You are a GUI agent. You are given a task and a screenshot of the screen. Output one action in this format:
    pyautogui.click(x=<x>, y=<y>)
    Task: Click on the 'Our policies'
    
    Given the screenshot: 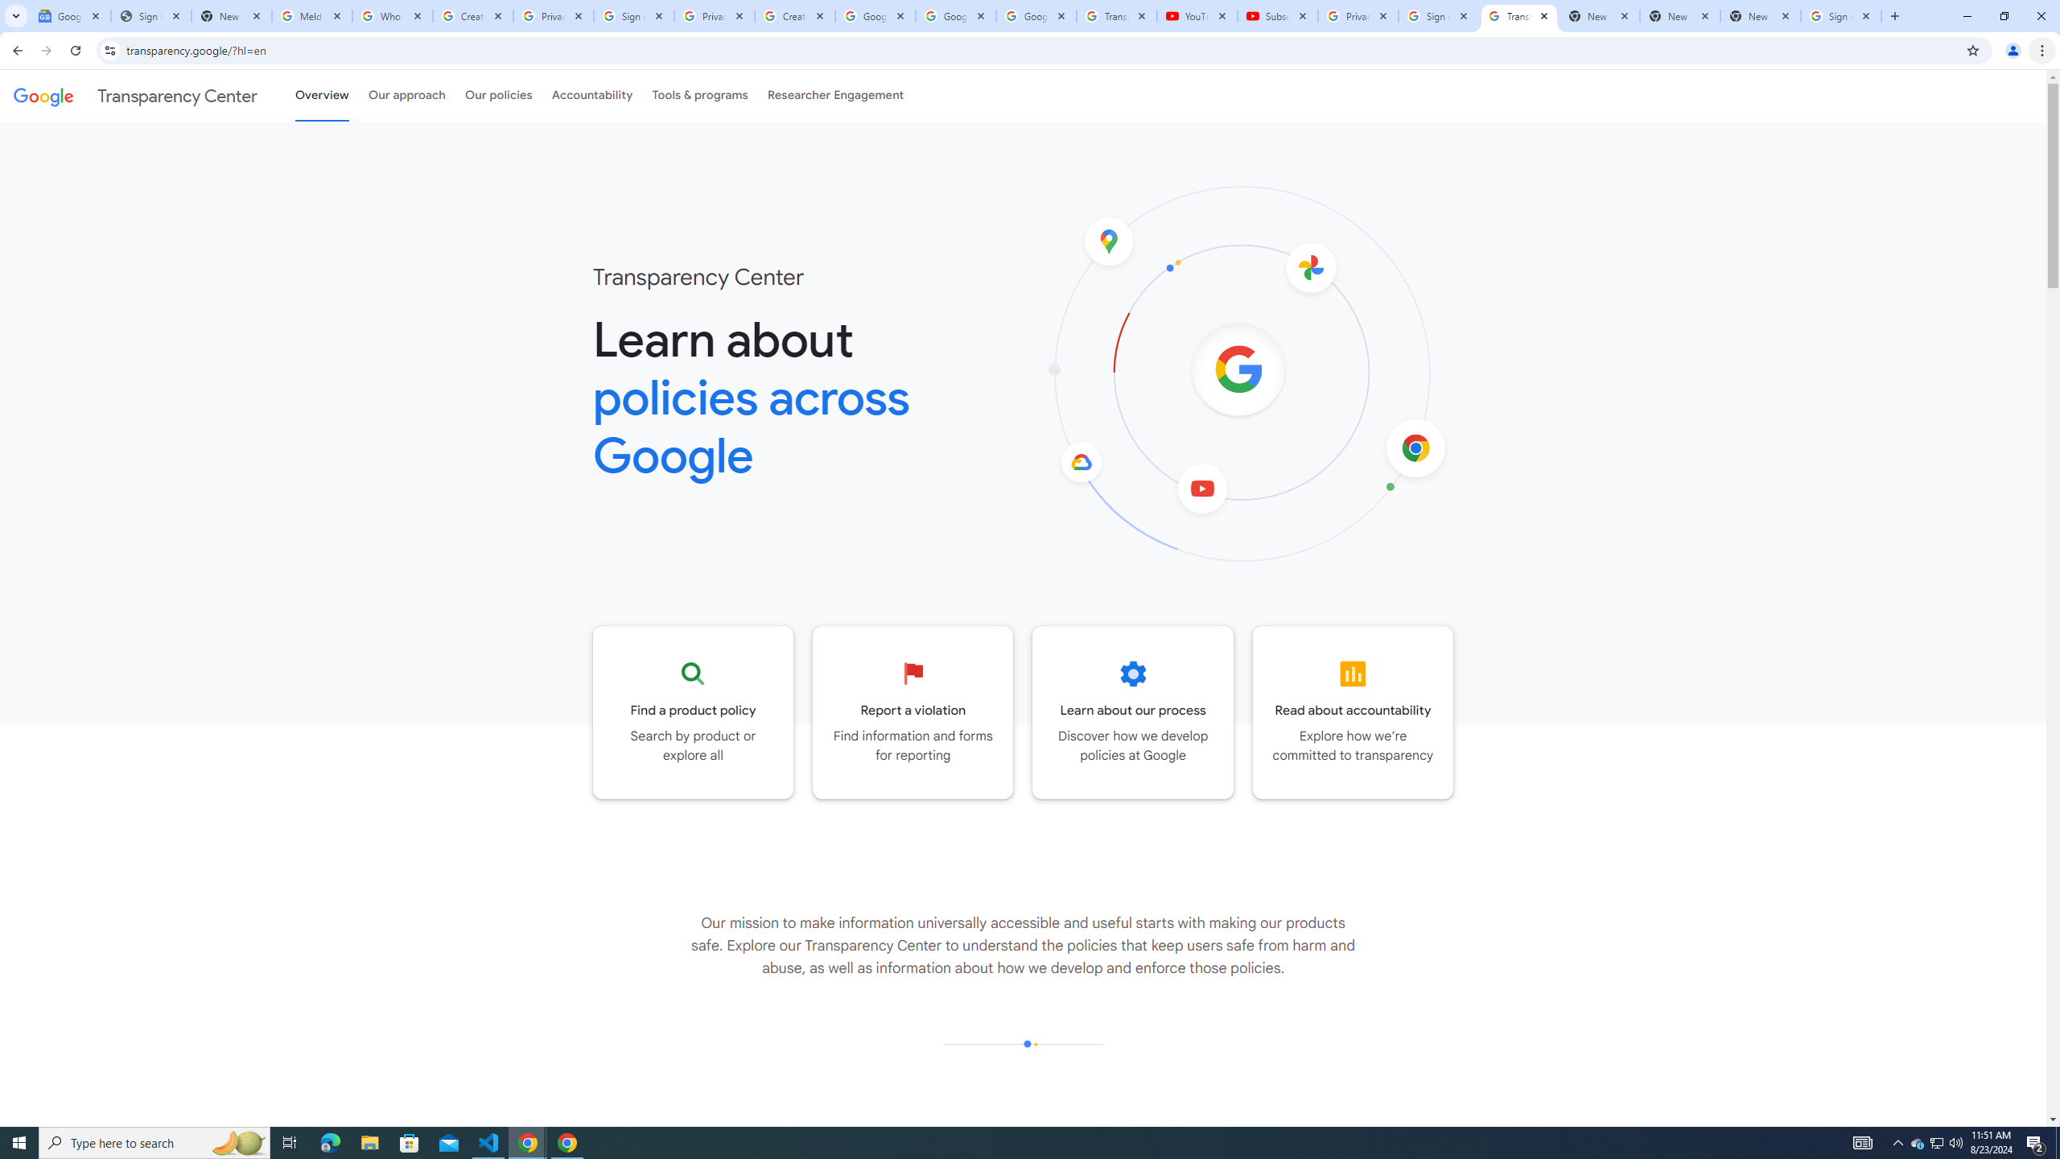 What is the action you would take?
    pyautogui.click(x=498, y=95)
    